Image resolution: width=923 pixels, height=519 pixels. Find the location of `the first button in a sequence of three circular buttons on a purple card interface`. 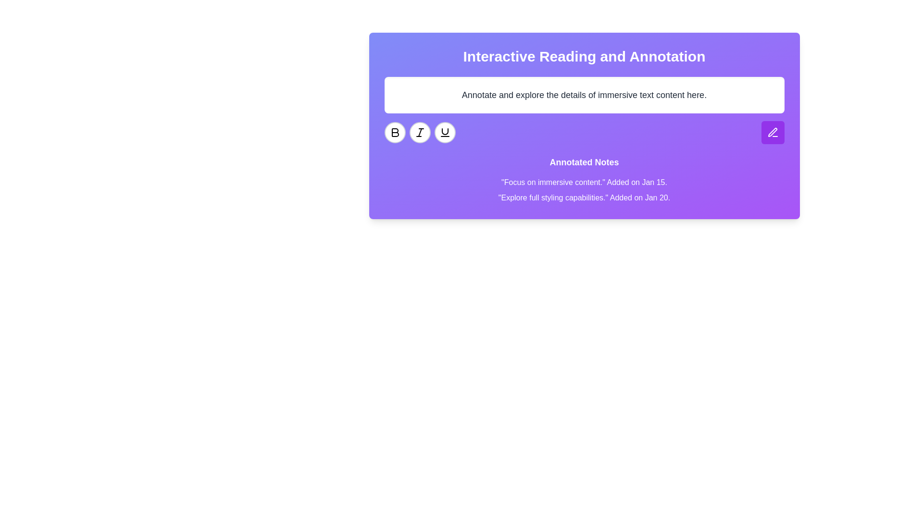

the first button in a sequence of three circular buttons on a purple card interface is located at coordinates (395, 133).